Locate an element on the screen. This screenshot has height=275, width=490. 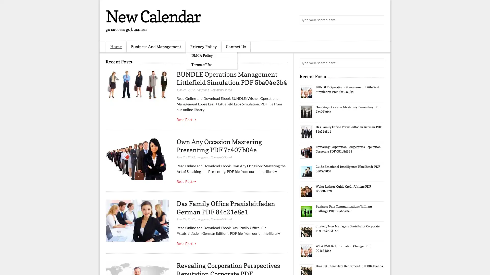
Search is located at coordinates (379, 63).